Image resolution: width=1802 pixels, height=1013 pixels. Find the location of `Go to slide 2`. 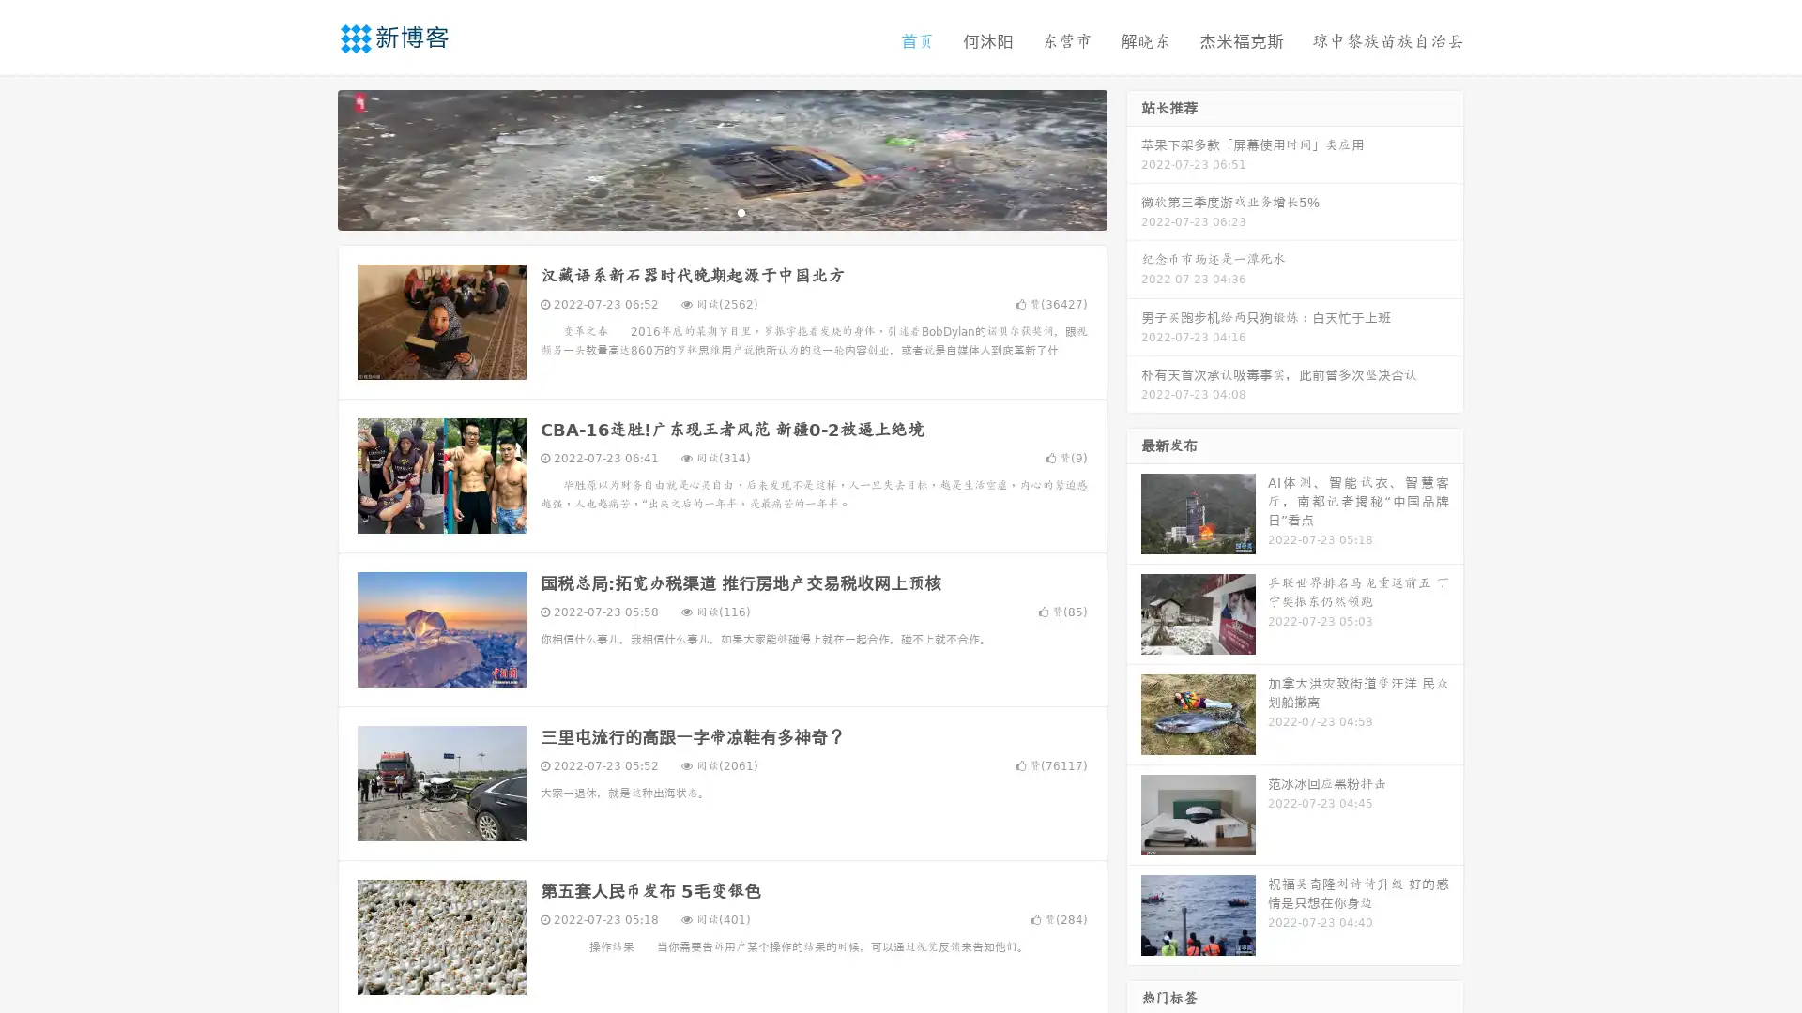

Go to slide 2 is located at coordinates (721, 211).